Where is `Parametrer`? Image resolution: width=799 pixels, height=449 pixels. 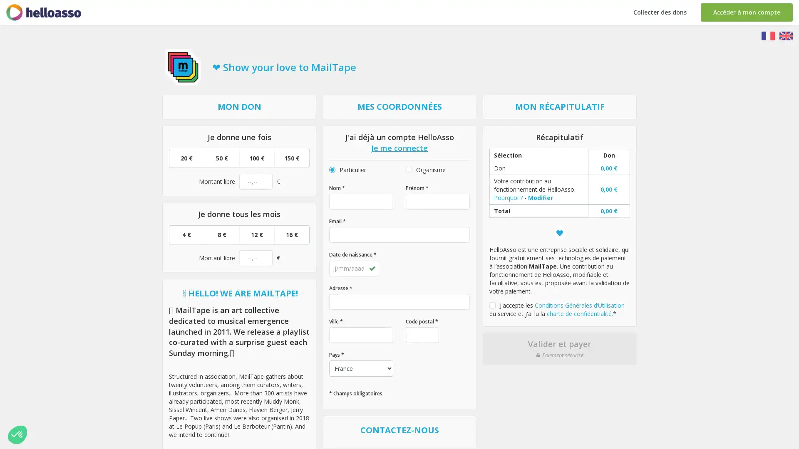
Parametrer is located at coordinates (96, 407).